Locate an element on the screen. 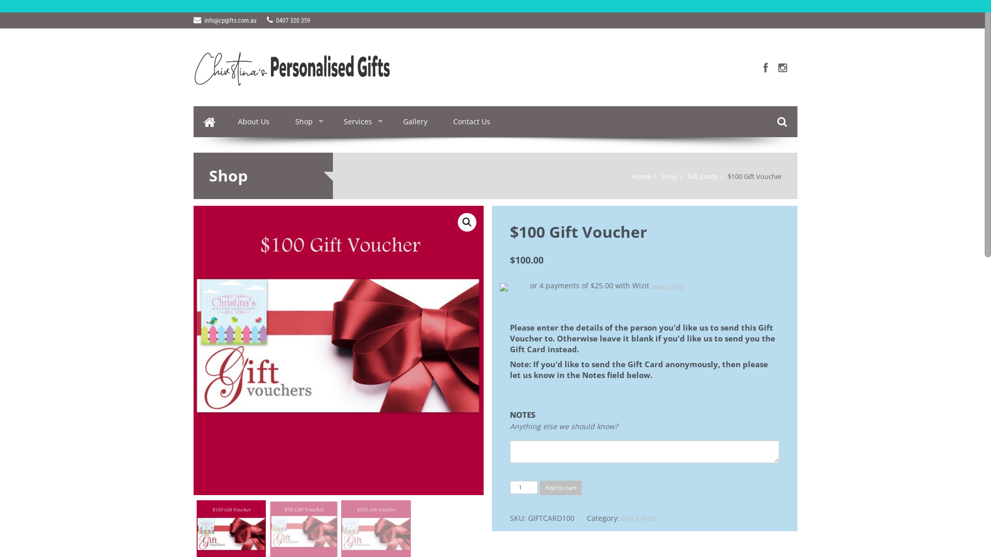  '  0407 320 359' is located at coordinates (288, 20).